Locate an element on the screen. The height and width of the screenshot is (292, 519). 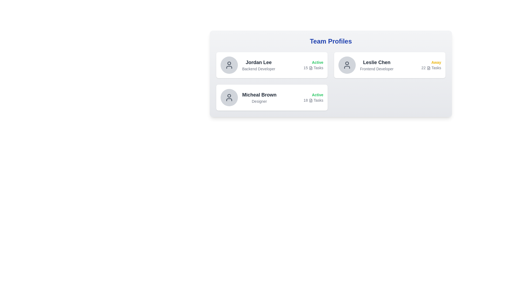
the Profile card located at the top-left of the grid layout is located at coordinates (272, 65).